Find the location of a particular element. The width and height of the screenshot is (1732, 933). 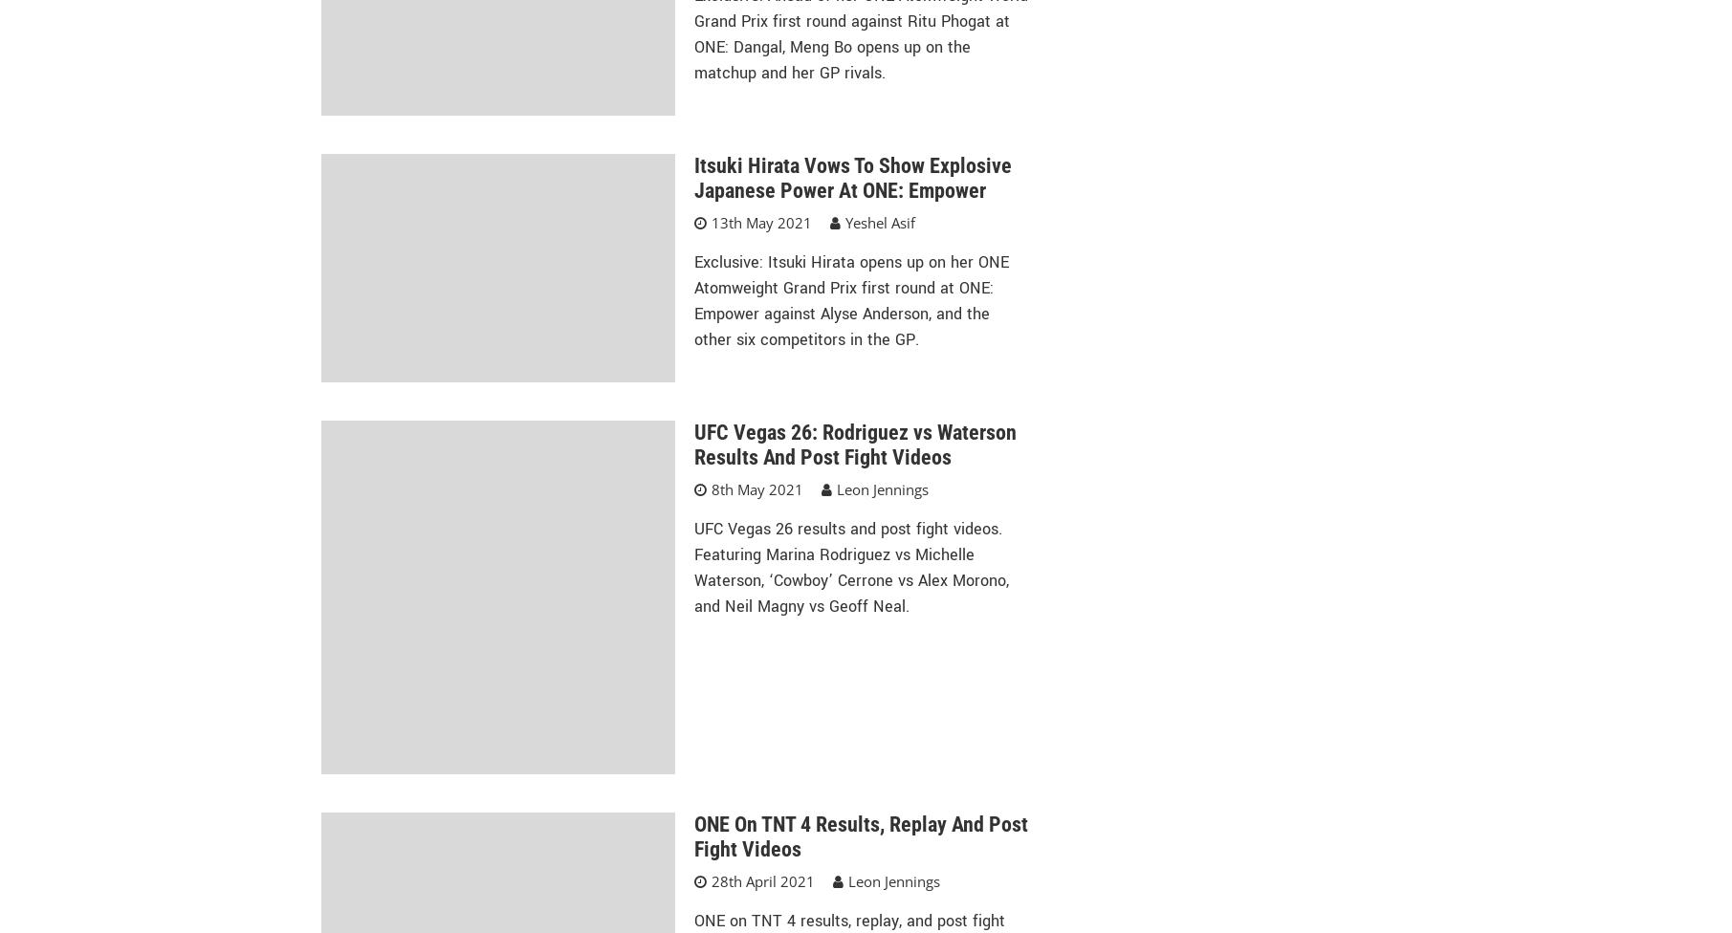

'Yeshel Asif' is located at coordinates (878, 220).